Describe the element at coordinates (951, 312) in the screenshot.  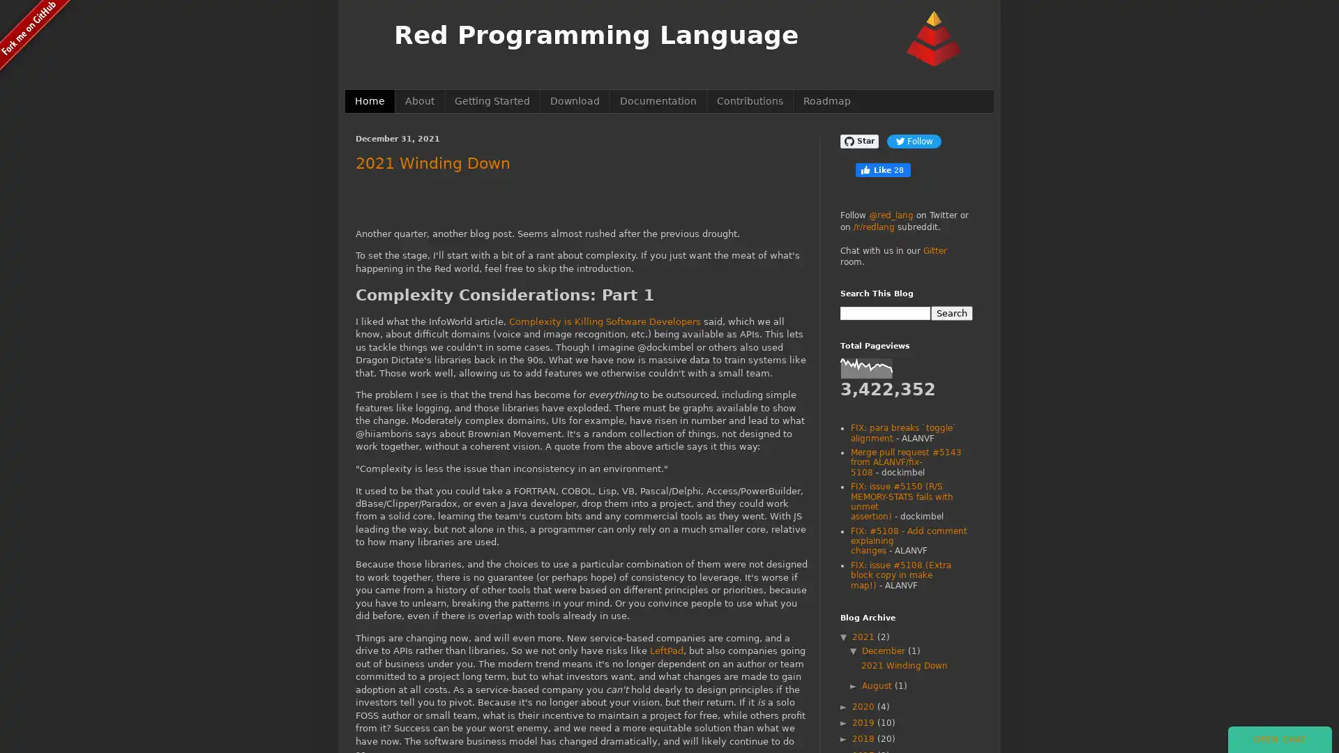
I see `Search` at that location.